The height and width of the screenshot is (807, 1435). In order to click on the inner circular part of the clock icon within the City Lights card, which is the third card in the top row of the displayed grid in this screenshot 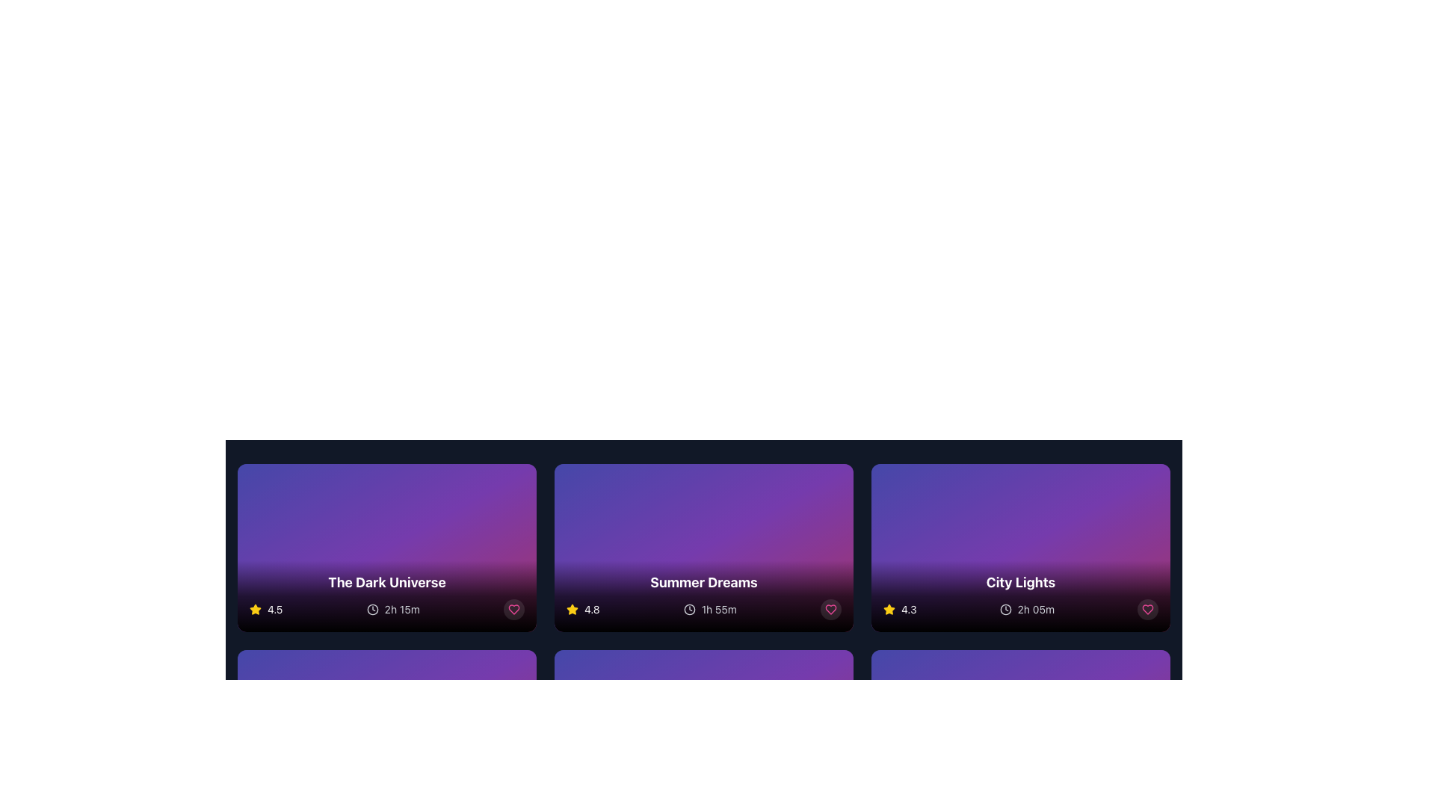, I will do `click(1005, 610)`.